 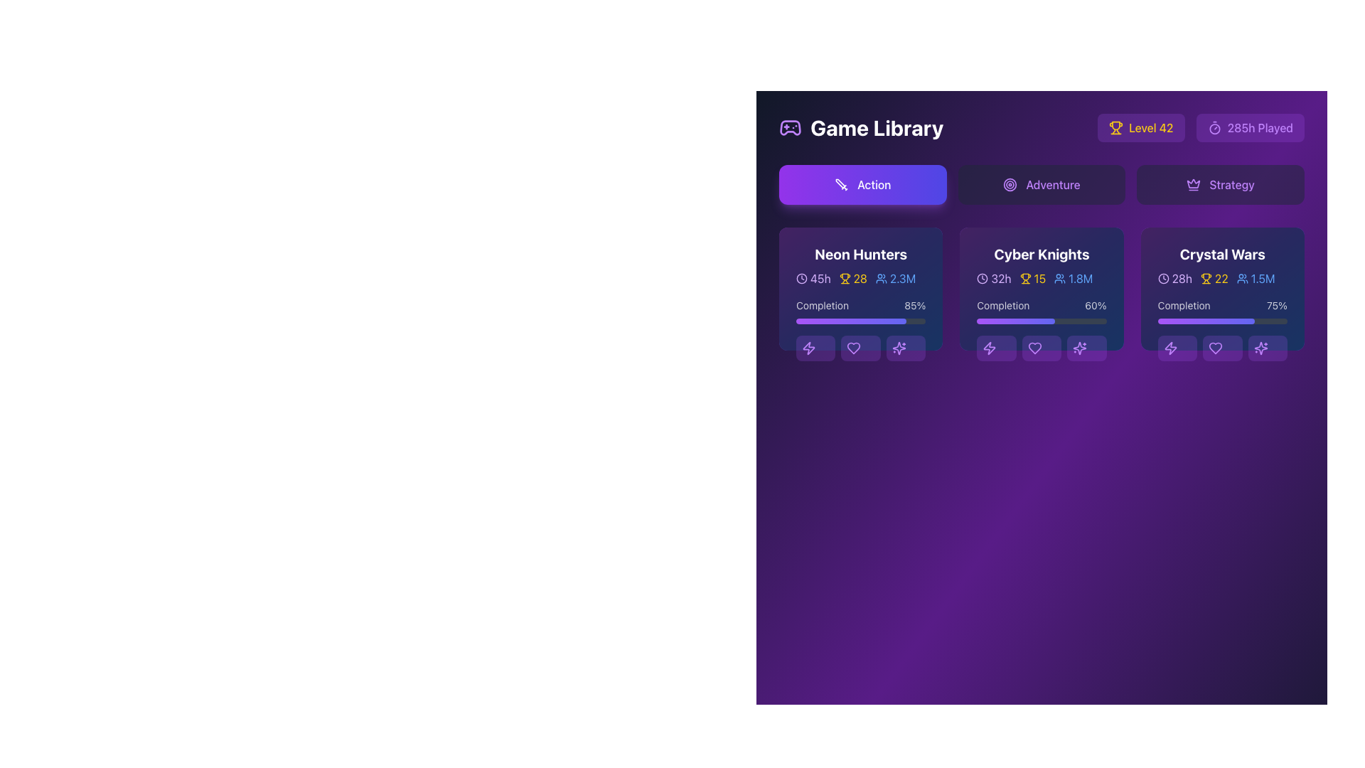 What do you see at coordinates (1206, 321) in the screenshot?
I see `the filled portion of the progress bar indicating 75% completion for the 'Crystal Wars' section, located below the 'Completion' label` at bounding box center [1206, 321].